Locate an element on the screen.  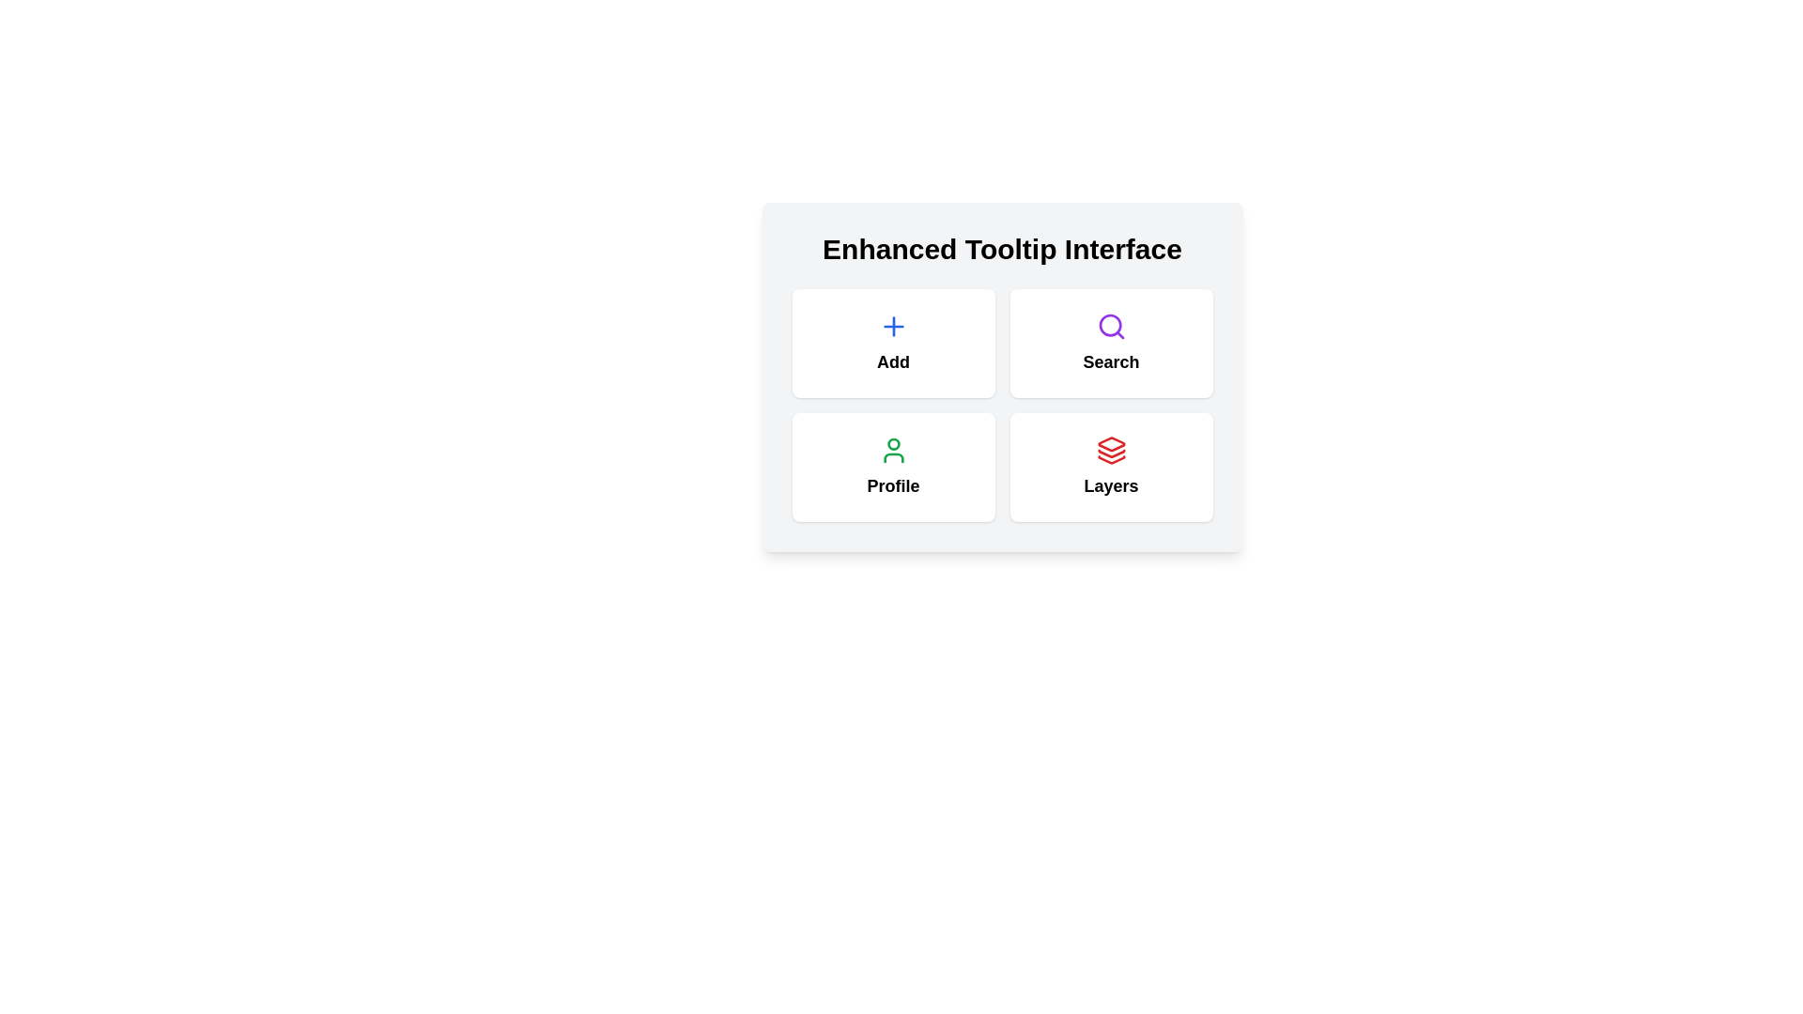
the purple magnifying glass SVG icon located in the upper-right quadrant of the grid layout, centered above the 'Search' text is located at coordinates (1111, 325).